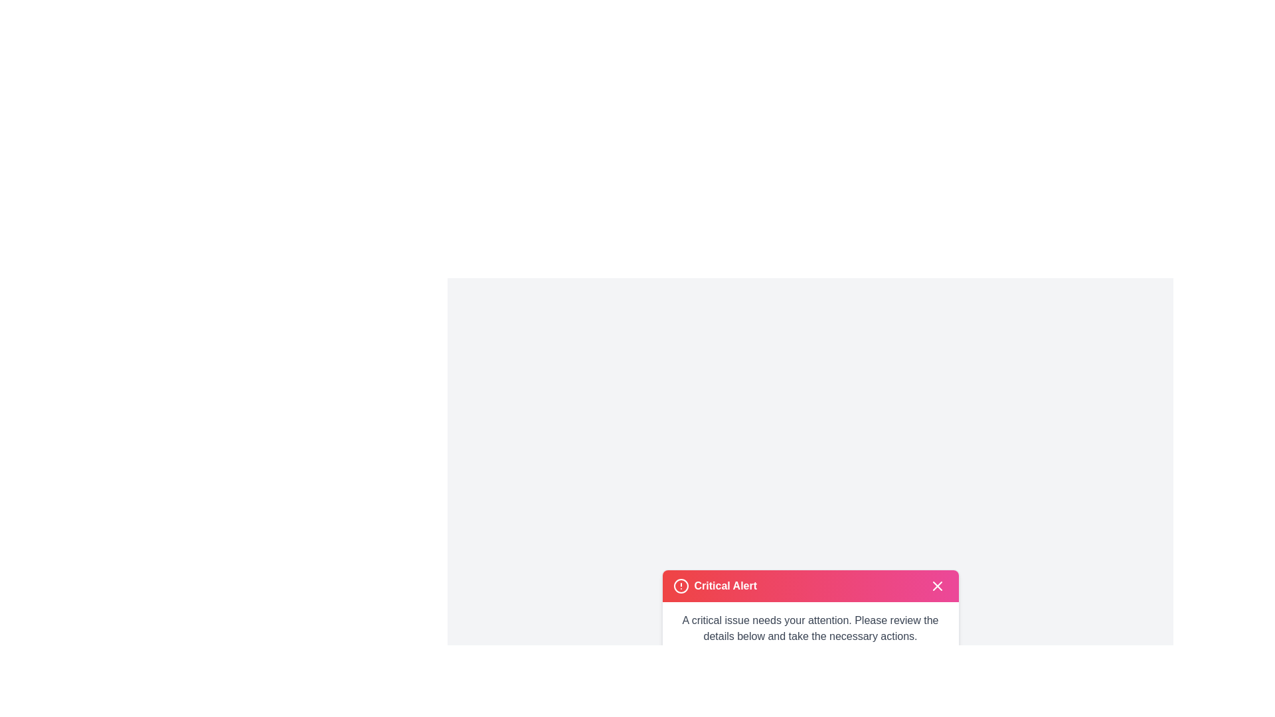  Describe the element at coordinates (936, 585) in the screenshot. I see `the close icon located in the top-right corner of the alert dialog with a red and pink gradient background that contains the text 'Critical Alert'` at that location.